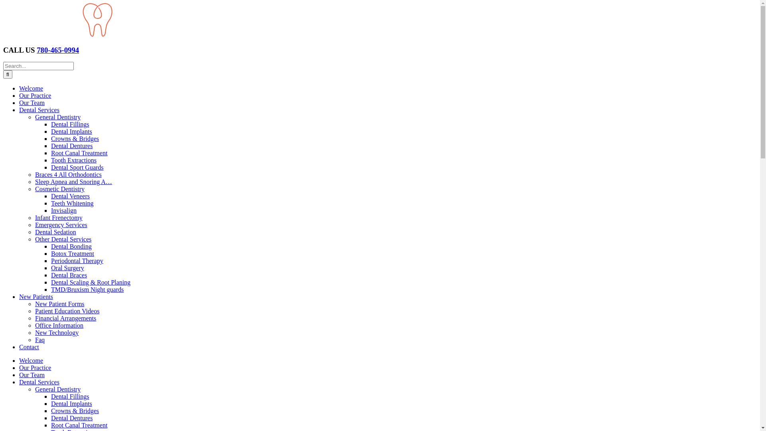 Image resolution: width=766 pixels, height=431 pixels. Describe the element at coordinates (19, 360) in the screenshot. I see `'Welcome'` at that location.